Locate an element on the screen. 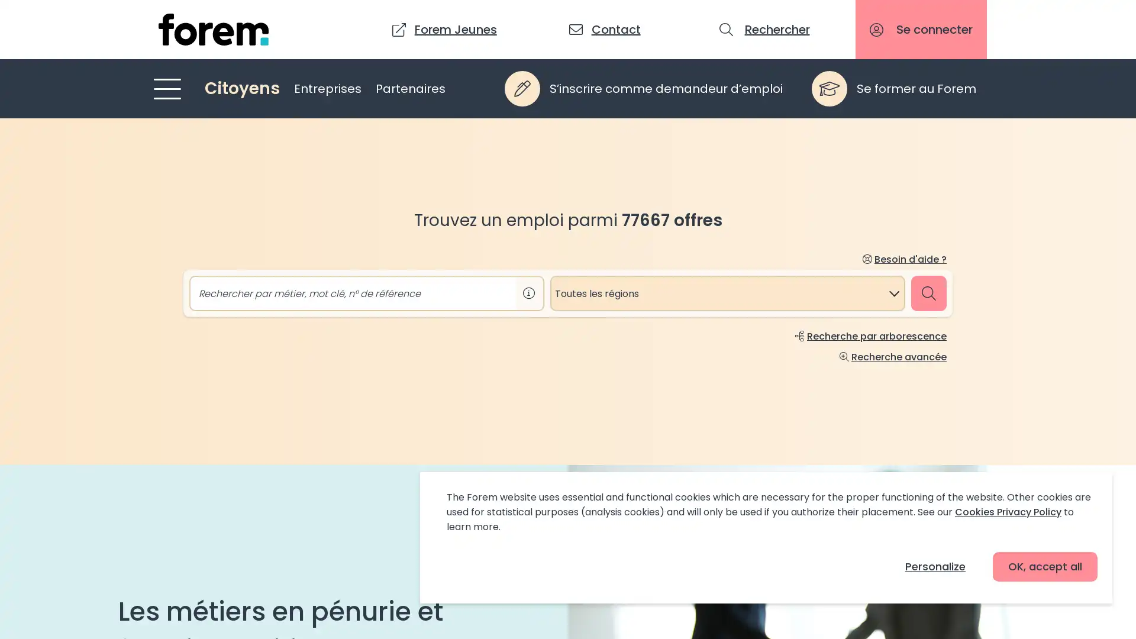 Image resolution: width=1136 pixels, height=639 pixels. Rechercher par mots cles dans le site Rechercher is located at coordinates (766, 29).